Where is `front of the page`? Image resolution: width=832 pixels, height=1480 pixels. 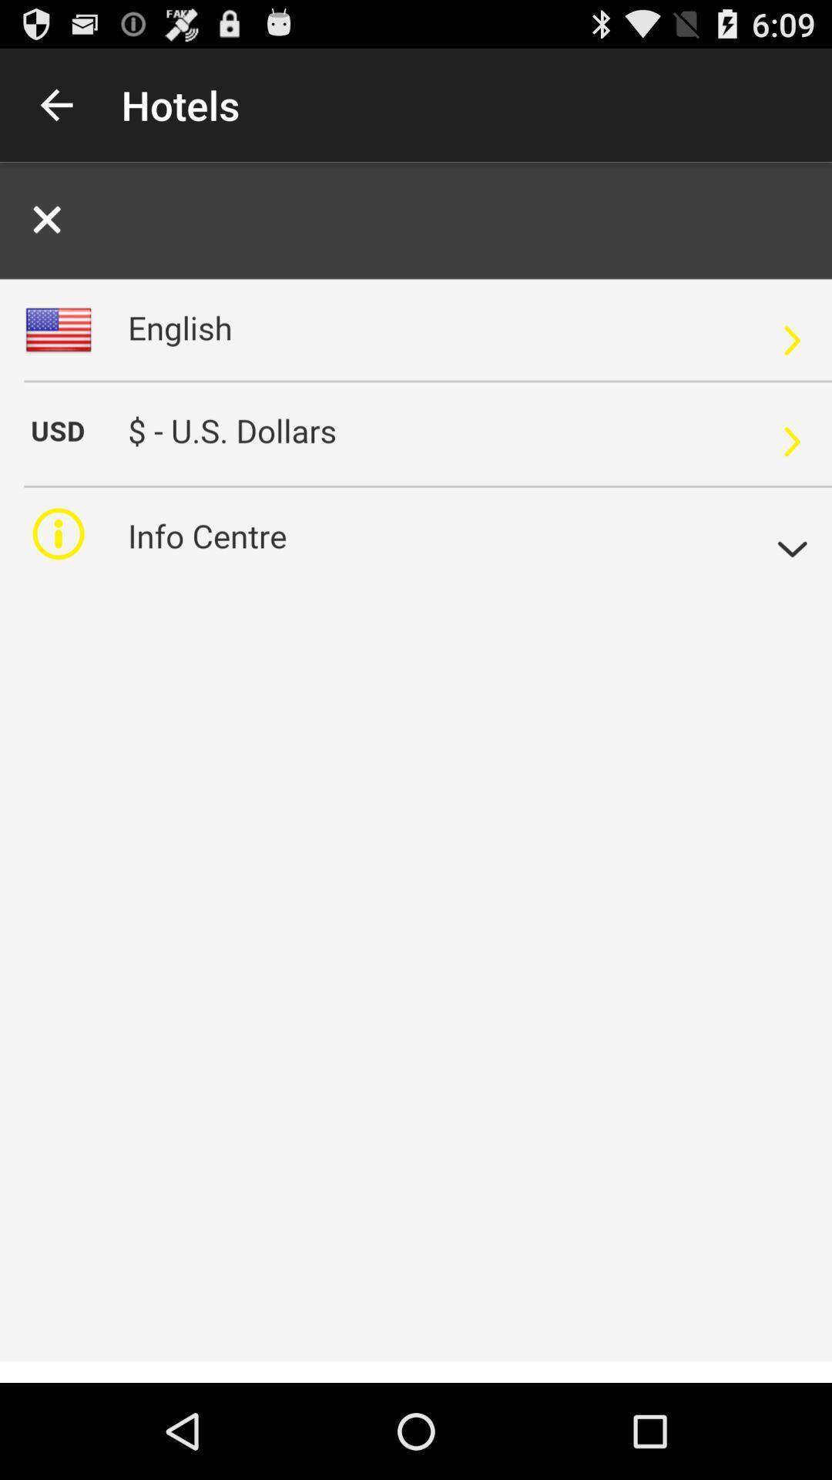
front of the page is located at coordinates (416, 772).